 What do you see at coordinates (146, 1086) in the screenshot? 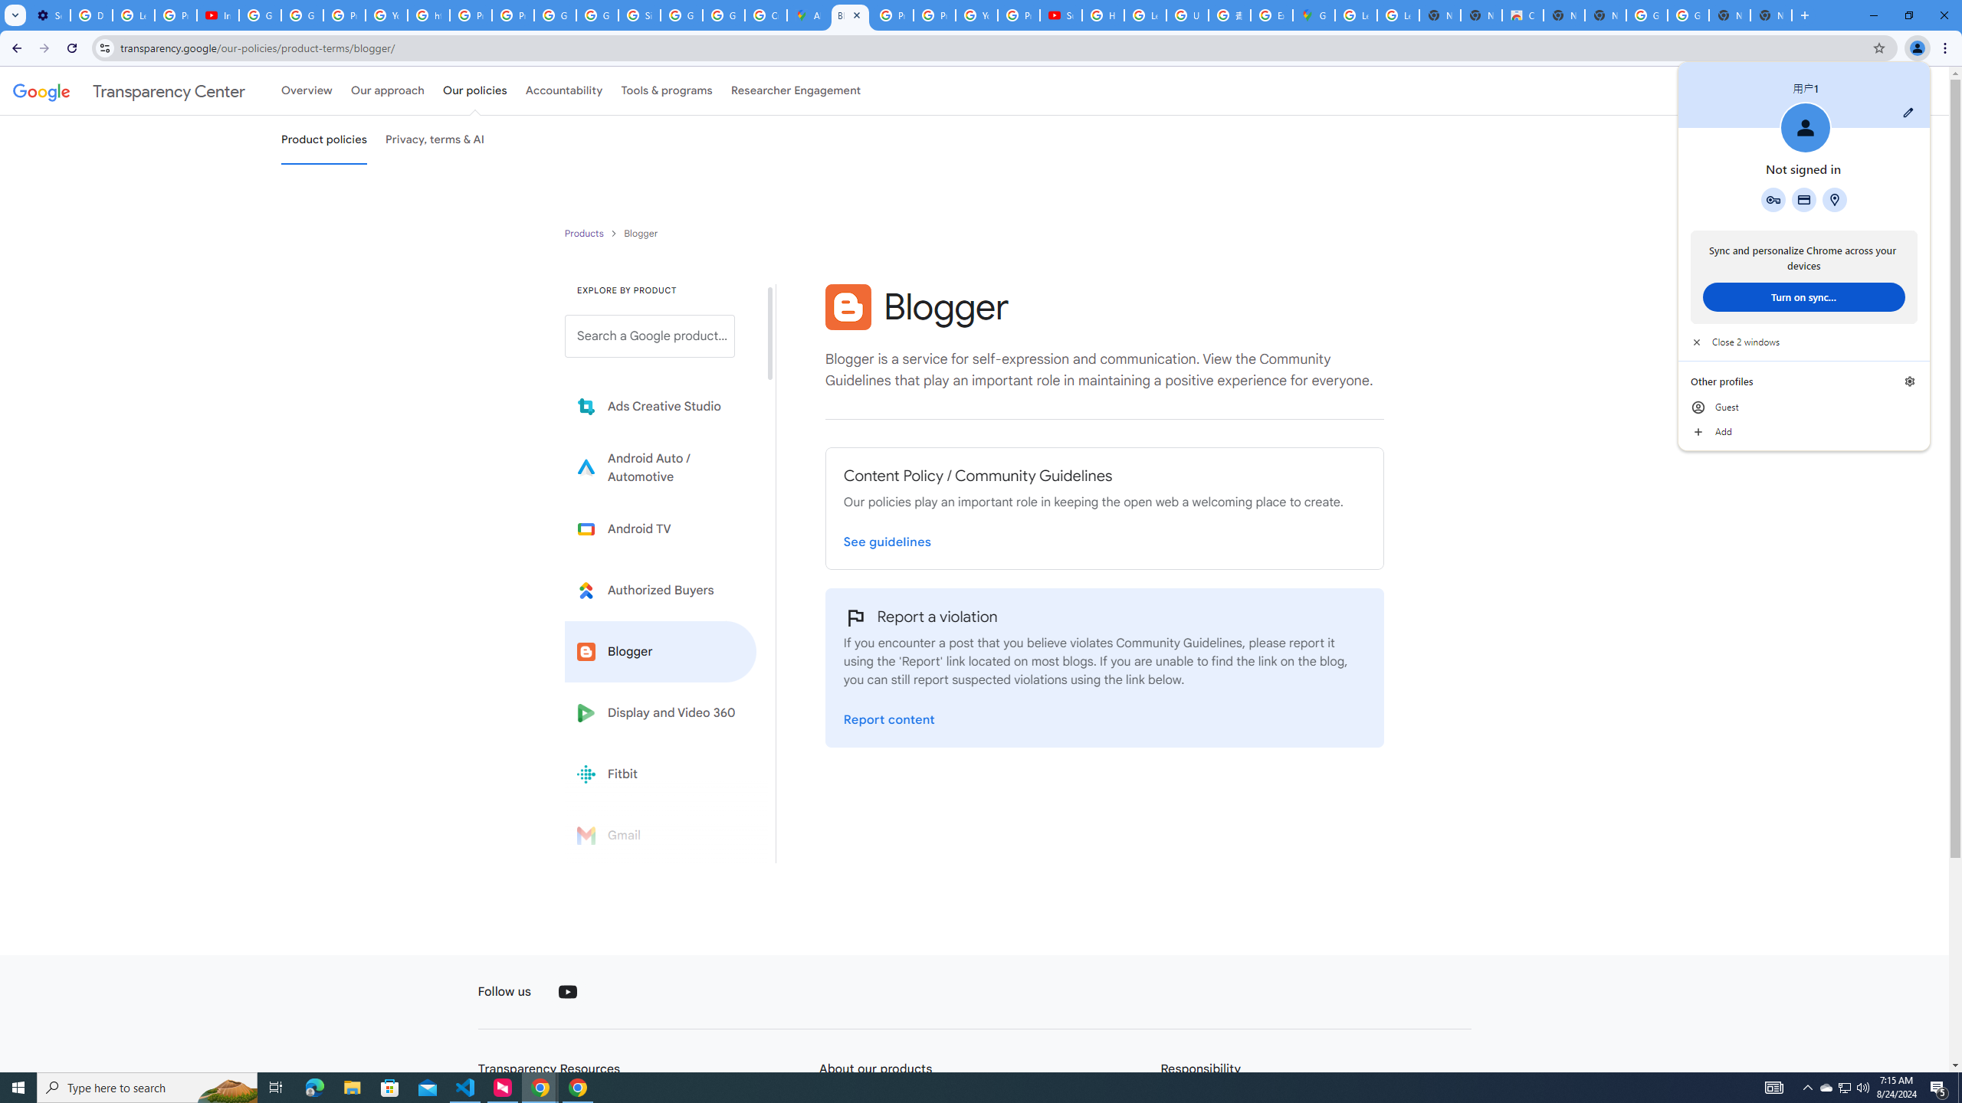
I see `'Type here to search'` at bounding box center [146, 1086].